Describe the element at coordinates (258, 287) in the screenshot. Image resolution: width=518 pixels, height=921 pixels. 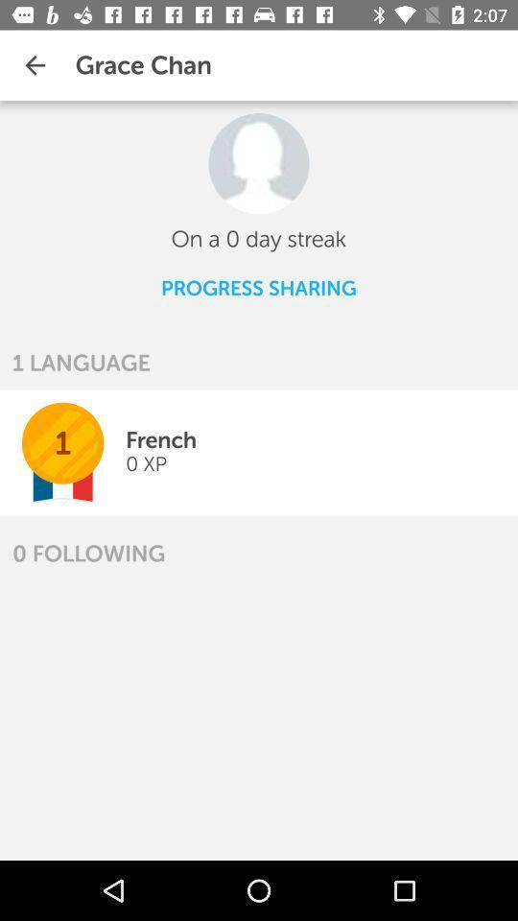
I see `icon above 1 language item` at that location.